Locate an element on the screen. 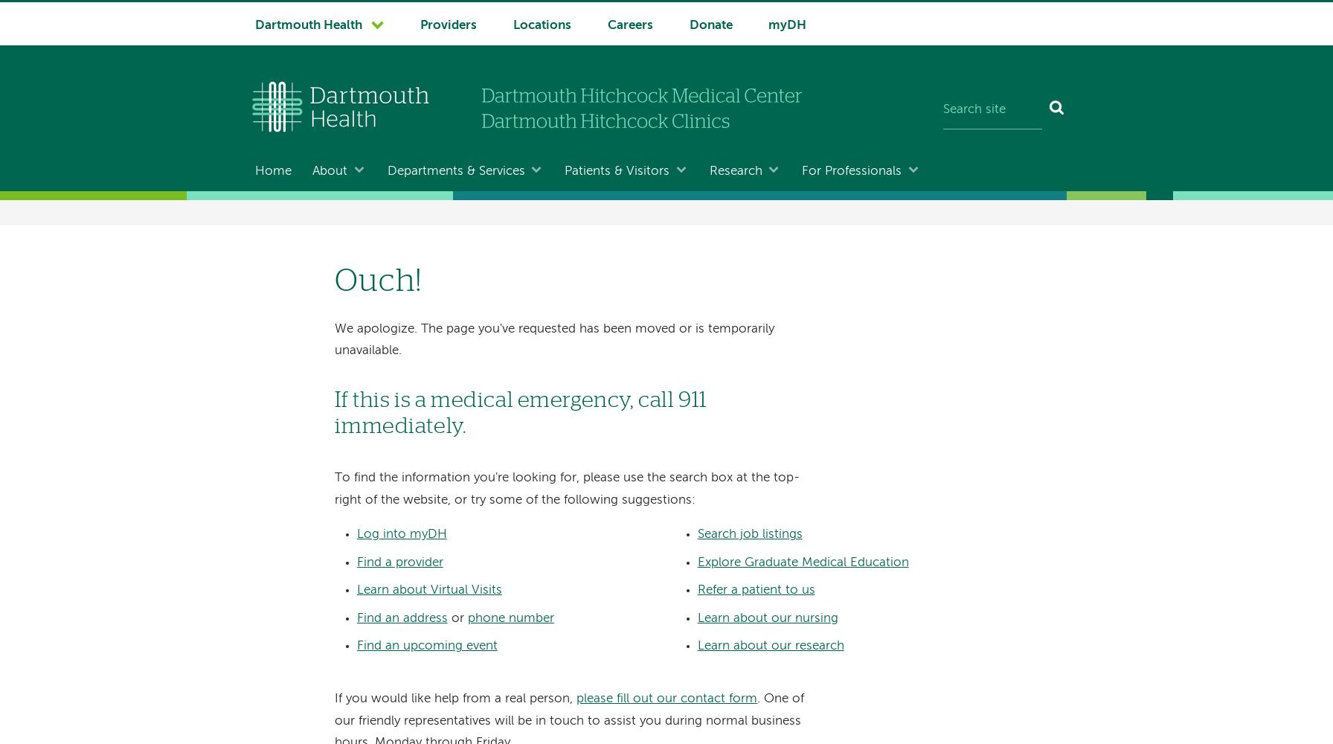  'Departments & Services' is located at coordinates (455, 170).